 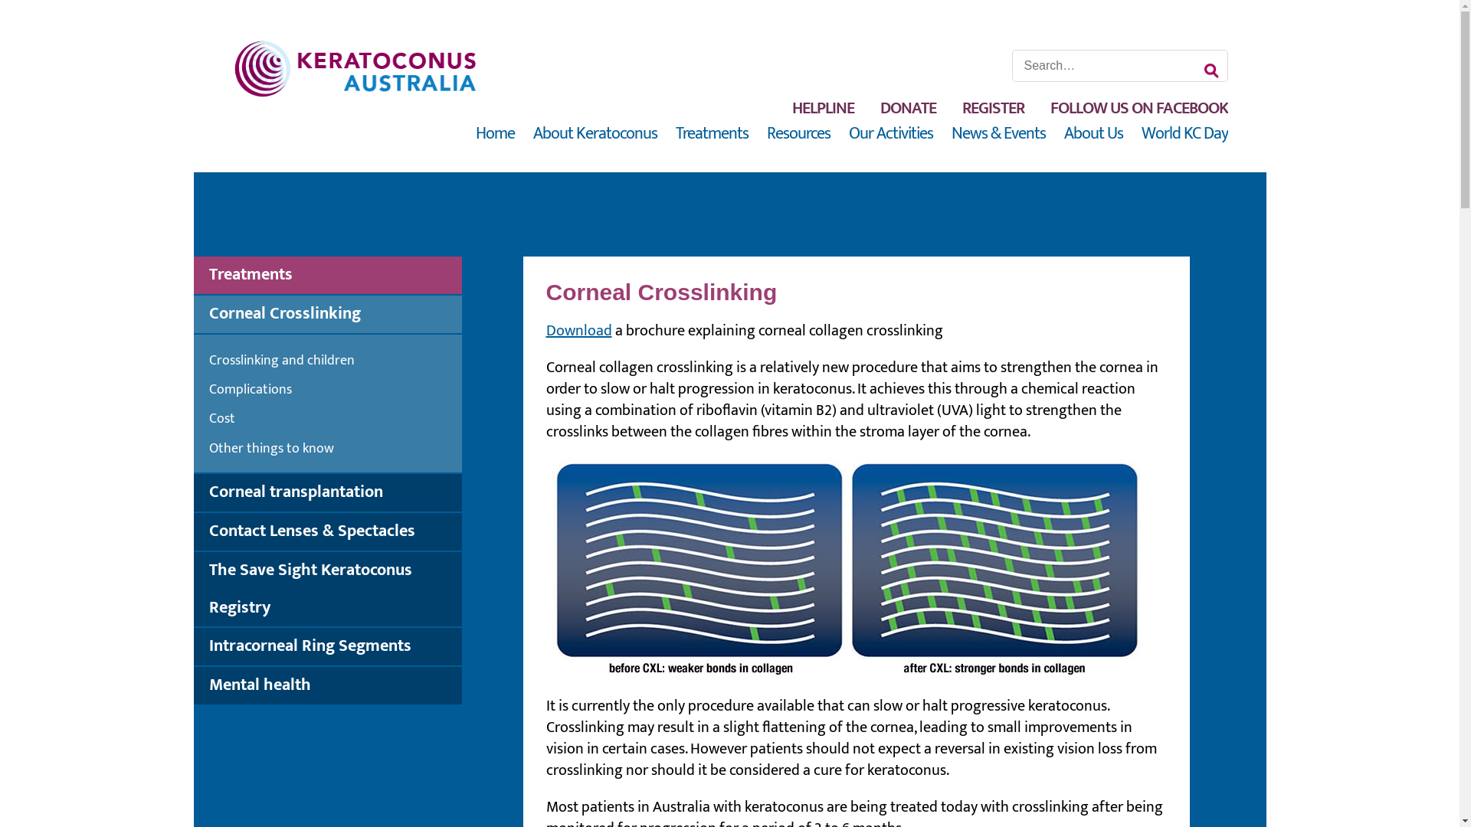 What do you see at coordinates (333, 685) in the screenshot?
I see `'Mental health'` at bounding box center [333, 685].